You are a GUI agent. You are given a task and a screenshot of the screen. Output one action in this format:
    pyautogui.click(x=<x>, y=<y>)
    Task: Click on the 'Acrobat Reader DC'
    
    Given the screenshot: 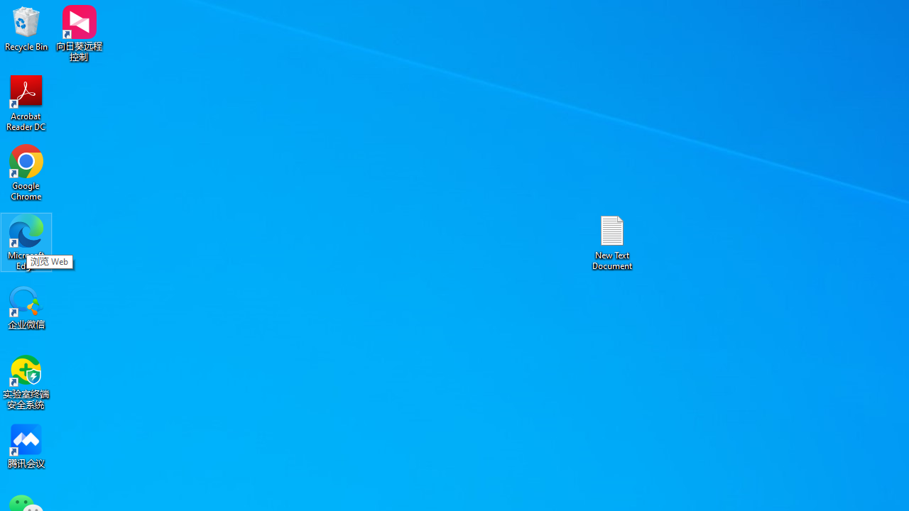 What is the action you would take?
    pyautogui.click(x=26, y=102)
    